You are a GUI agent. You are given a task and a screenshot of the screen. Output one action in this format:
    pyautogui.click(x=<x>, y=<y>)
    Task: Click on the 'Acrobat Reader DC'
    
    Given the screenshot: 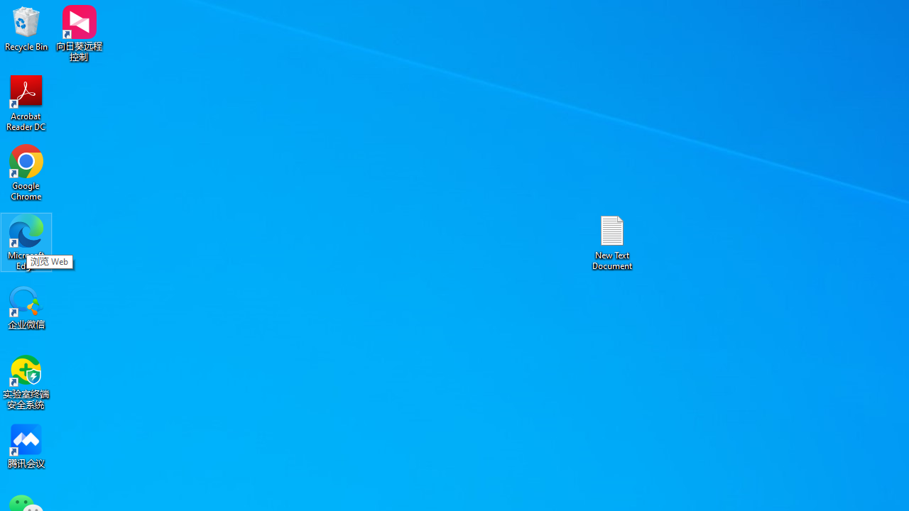 What is the action you would take?
    pyautogui.click(x=26, y=102)
    